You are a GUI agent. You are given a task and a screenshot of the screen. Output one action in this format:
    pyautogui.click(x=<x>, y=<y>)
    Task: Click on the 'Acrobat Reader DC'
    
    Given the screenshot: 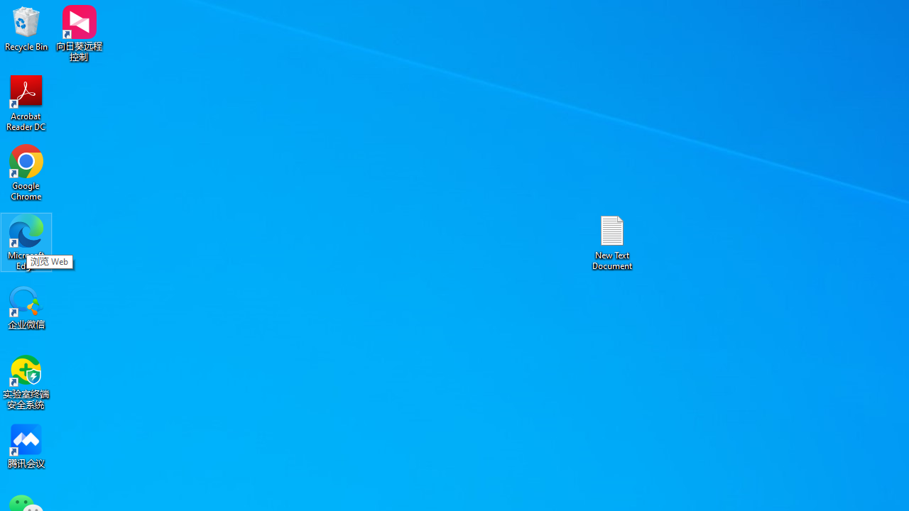 What is the action you would take?
    pyautogui.click(x=26, y=102)
    